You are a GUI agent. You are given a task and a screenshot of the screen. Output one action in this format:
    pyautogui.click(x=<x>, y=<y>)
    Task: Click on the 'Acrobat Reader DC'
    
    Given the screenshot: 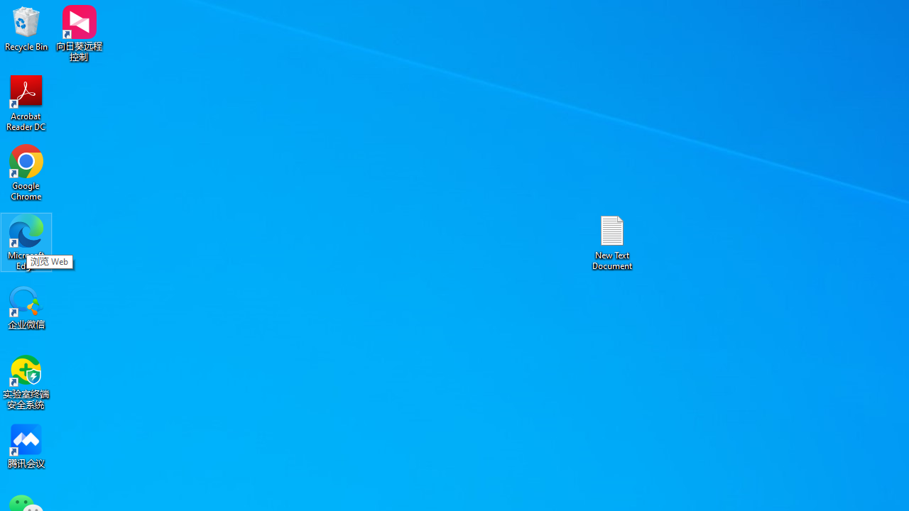 What is the action you would take?
    pyautogui.click(x=26, y=102)
    